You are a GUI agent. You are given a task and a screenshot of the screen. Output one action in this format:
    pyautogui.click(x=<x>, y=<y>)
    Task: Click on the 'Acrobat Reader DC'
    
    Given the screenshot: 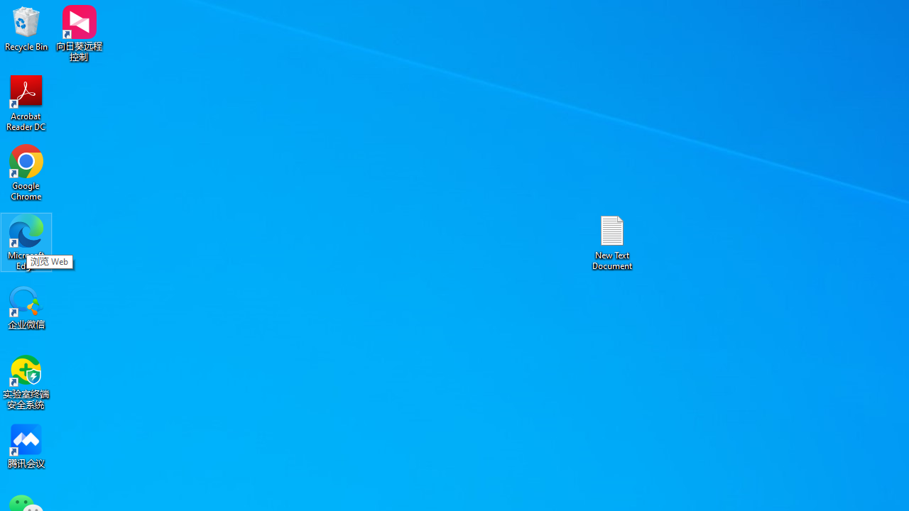 What is the action you would take?
    pyautogui.click(x=26, y=102)
    